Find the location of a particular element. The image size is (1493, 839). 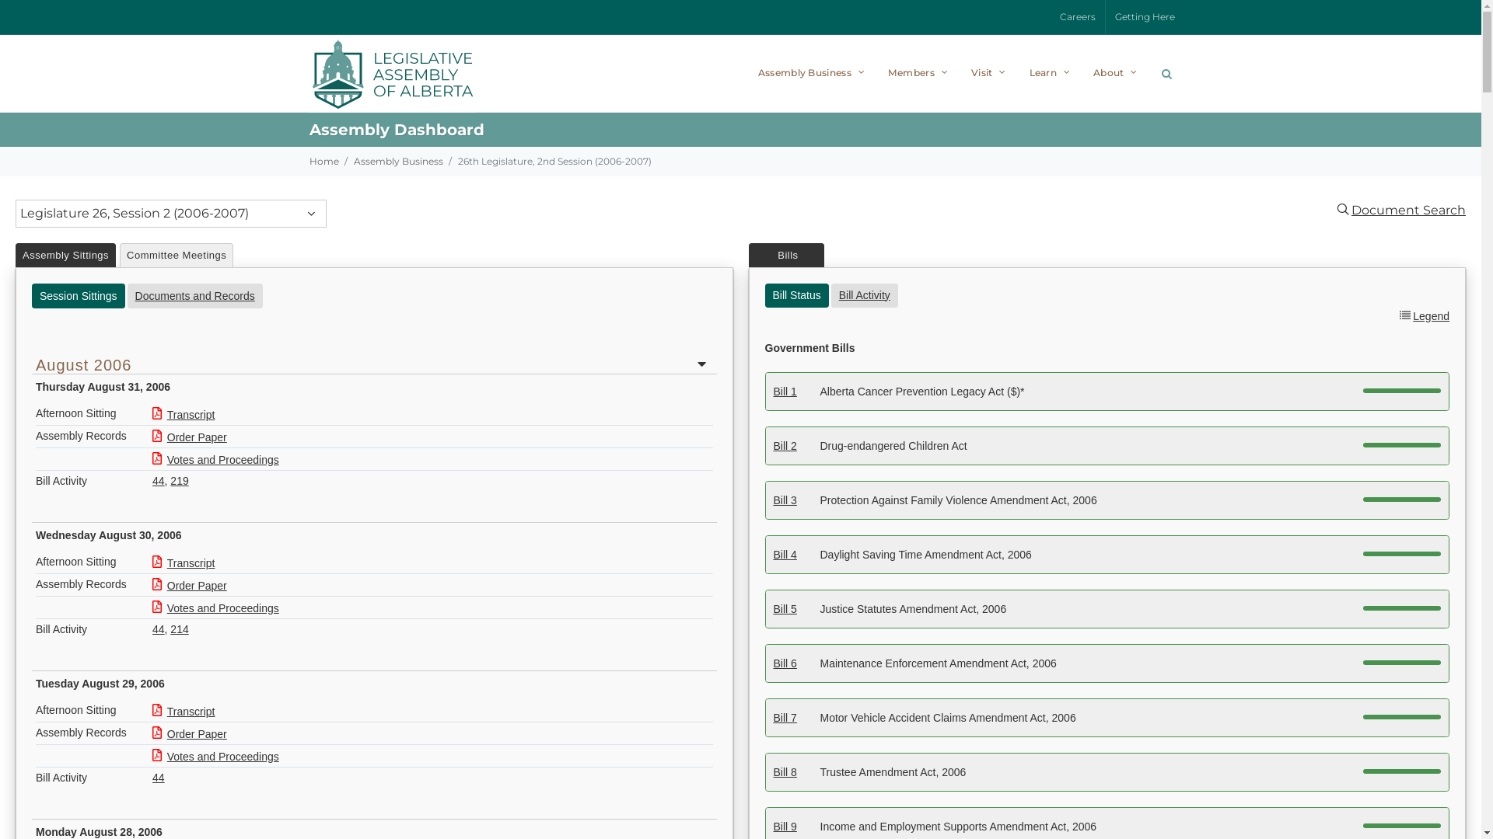

'Order Paper' is located at coordinates (189, 733).